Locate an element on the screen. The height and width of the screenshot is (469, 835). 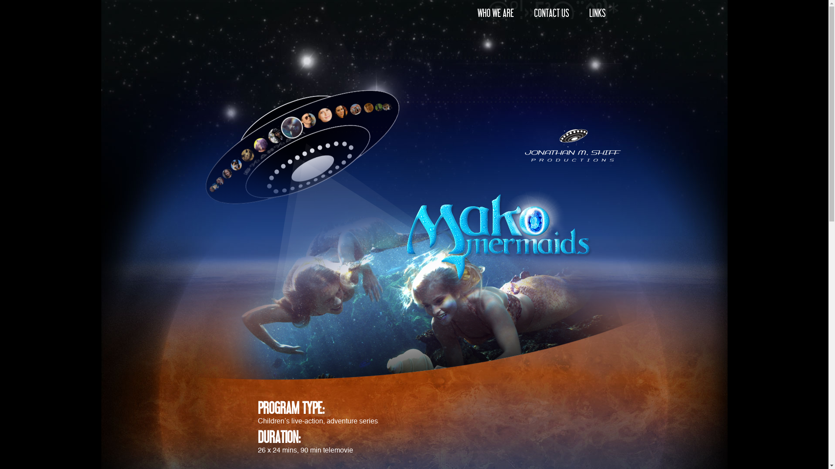
'My Zoo' is located at coordinates (258, 145).